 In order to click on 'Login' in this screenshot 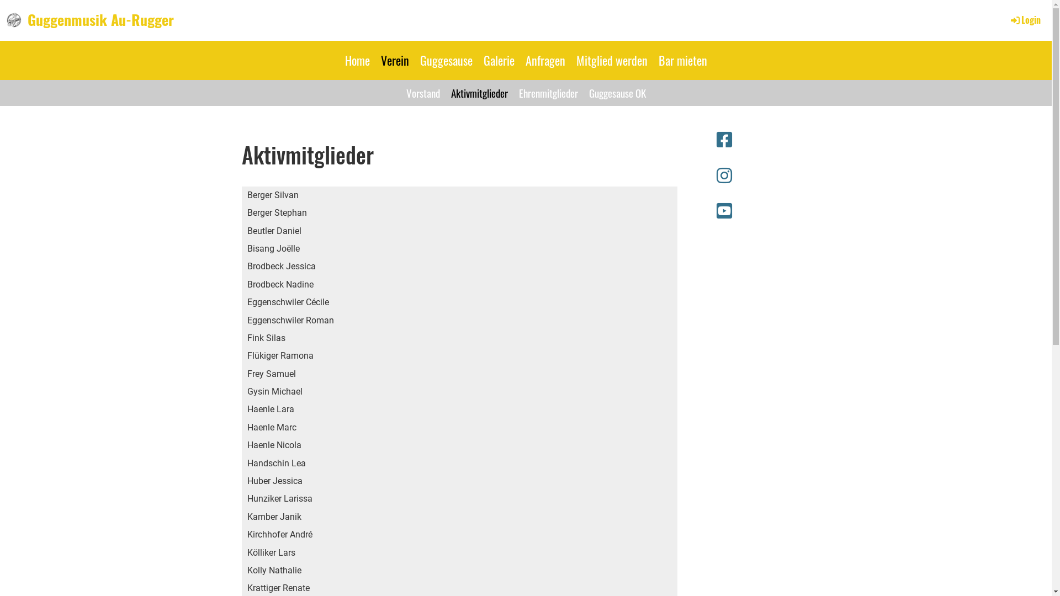, I will do `click(1024, 19)`.